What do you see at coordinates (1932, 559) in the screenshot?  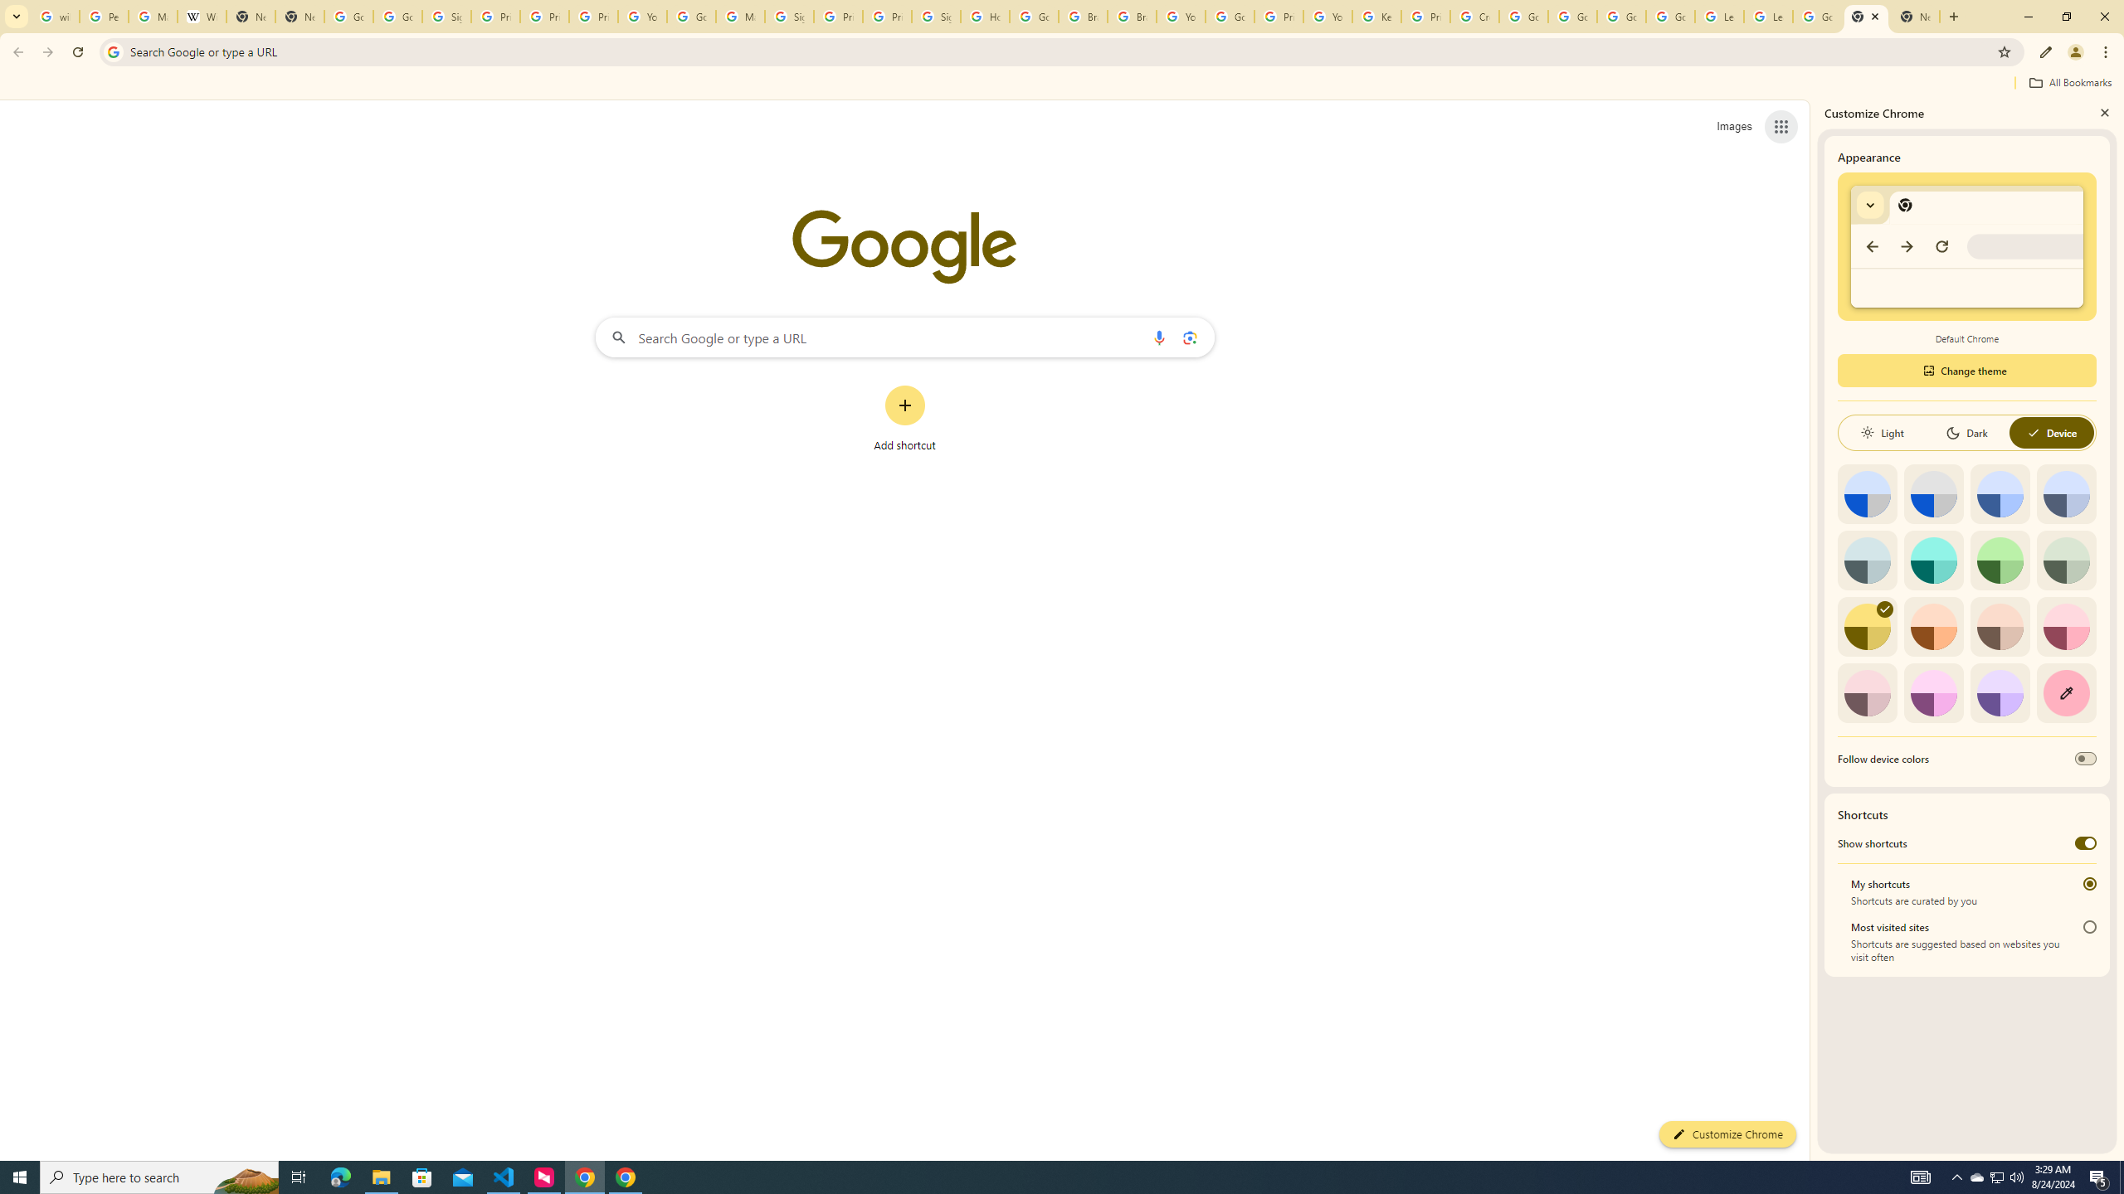 I see `'Aqua'` at bounding box center [1932, 559].